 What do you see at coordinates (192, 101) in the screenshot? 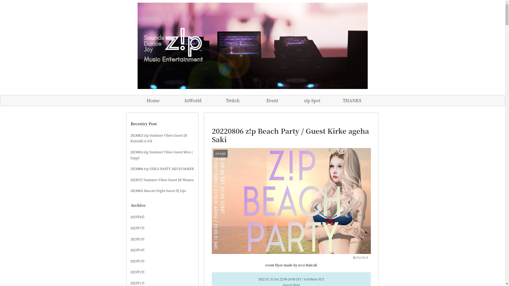
I see `'InWorld'` at bounding box center [192, 101].